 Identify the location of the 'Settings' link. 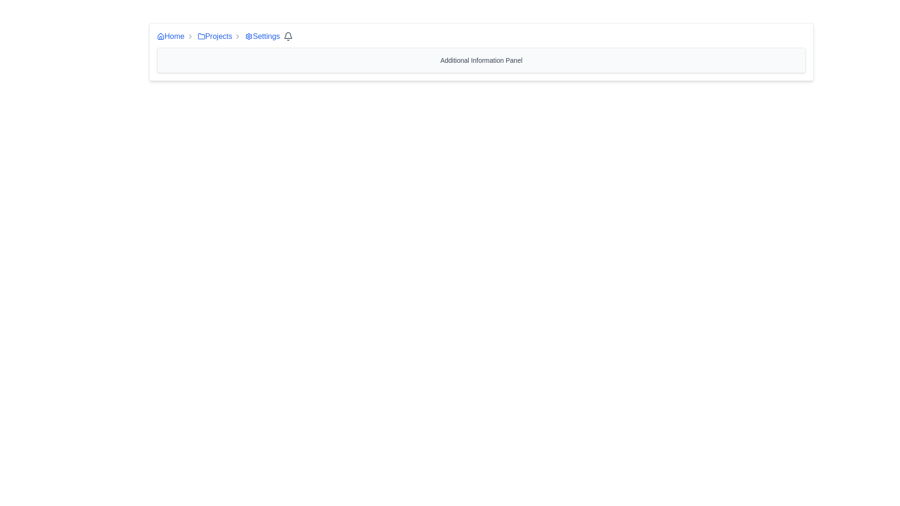
(262, 36).